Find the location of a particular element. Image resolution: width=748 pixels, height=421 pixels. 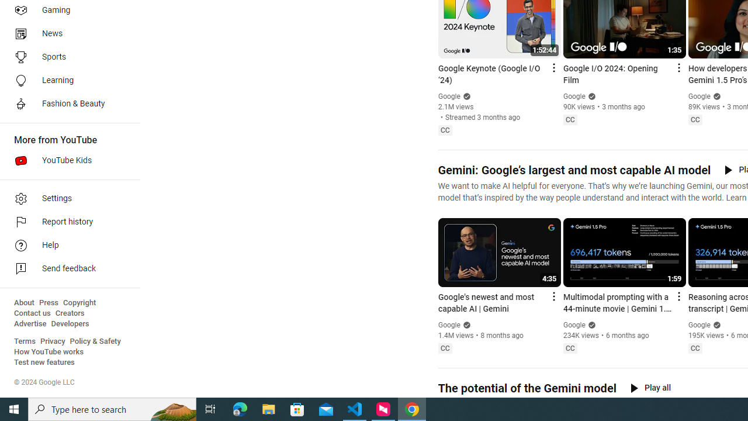

'The potential of the Gemini model' is located at coordinates (526, 388).